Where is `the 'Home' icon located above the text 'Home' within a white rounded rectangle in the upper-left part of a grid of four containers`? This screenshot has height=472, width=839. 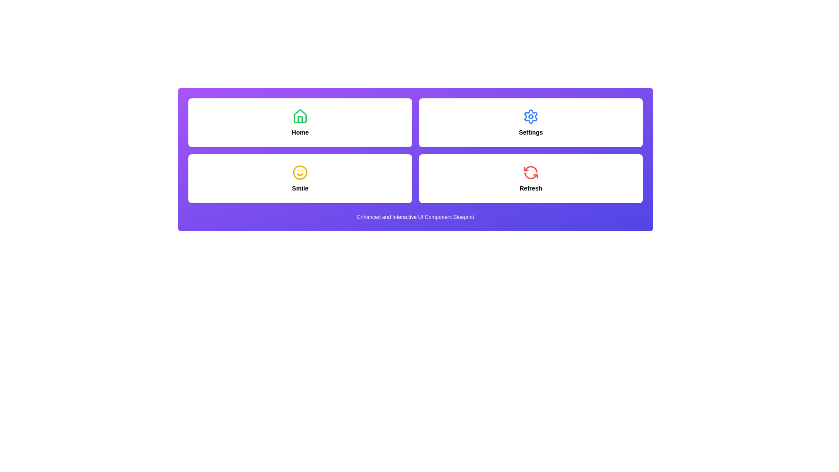
the 'Home' icon located above the text 'Home' within a white rounded rectangle in the upper-left part of a grid of four containers is located at coordinates (300, 116).